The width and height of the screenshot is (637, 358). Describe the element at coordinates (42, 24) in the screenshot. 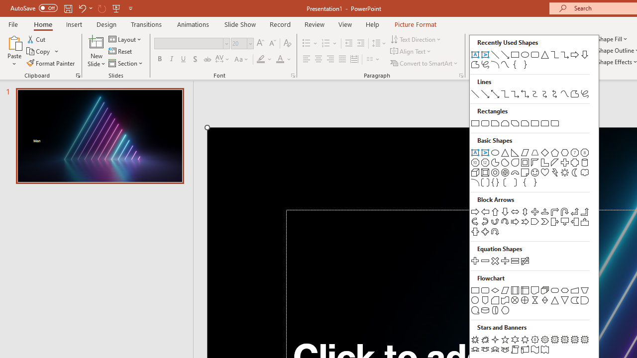

I see `'Home'` at that location.